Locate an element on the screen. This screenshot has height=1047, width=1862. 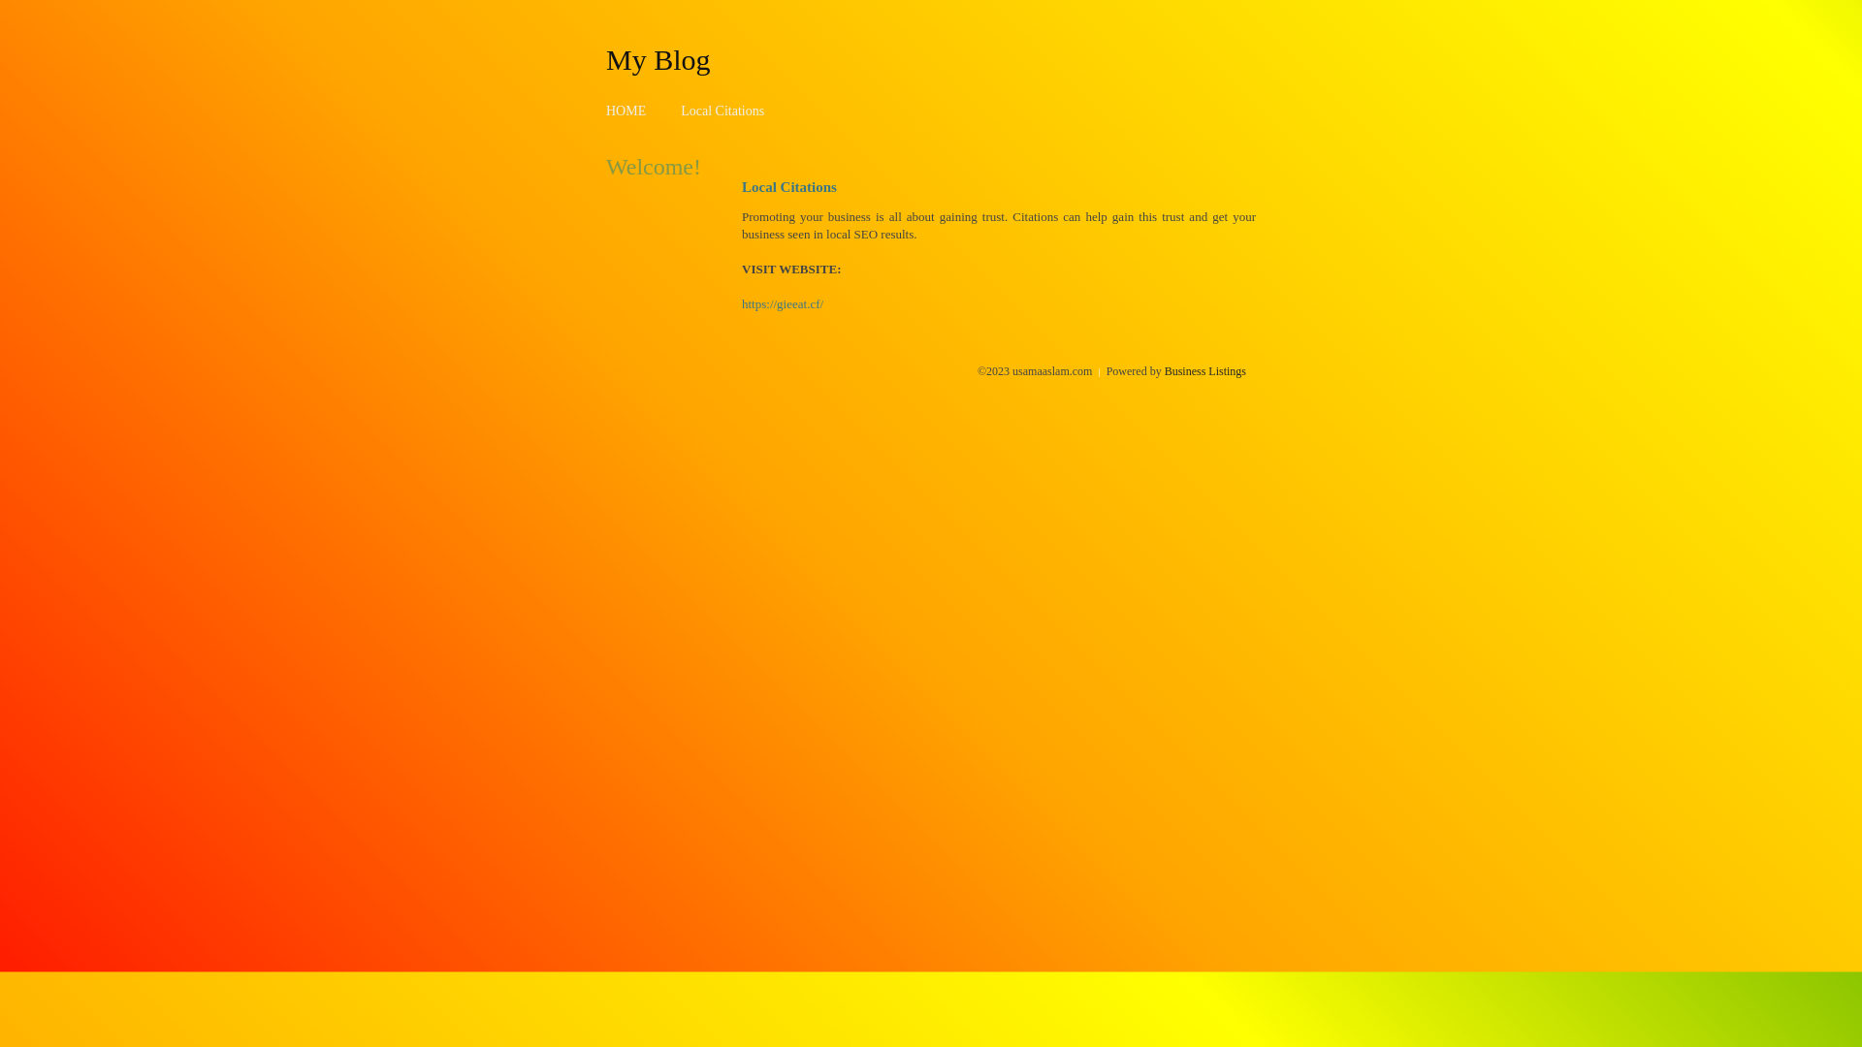
'https://gieeat.cf/' is located at coordinates (782, 303).